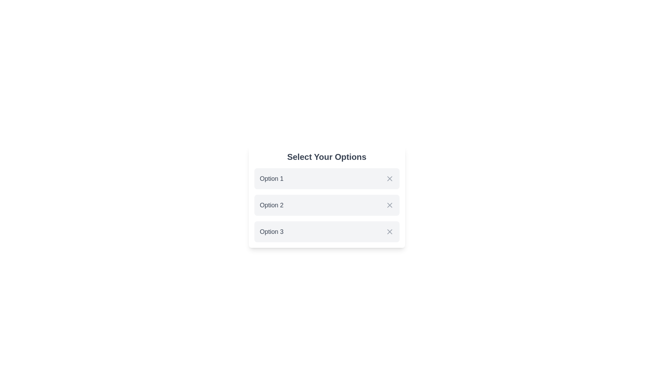 Image resolution: width=670 pixels, height=377 pixels. I want to click on the list item labeled 'Option 1' for keyboard interaction, so click(326, 178).